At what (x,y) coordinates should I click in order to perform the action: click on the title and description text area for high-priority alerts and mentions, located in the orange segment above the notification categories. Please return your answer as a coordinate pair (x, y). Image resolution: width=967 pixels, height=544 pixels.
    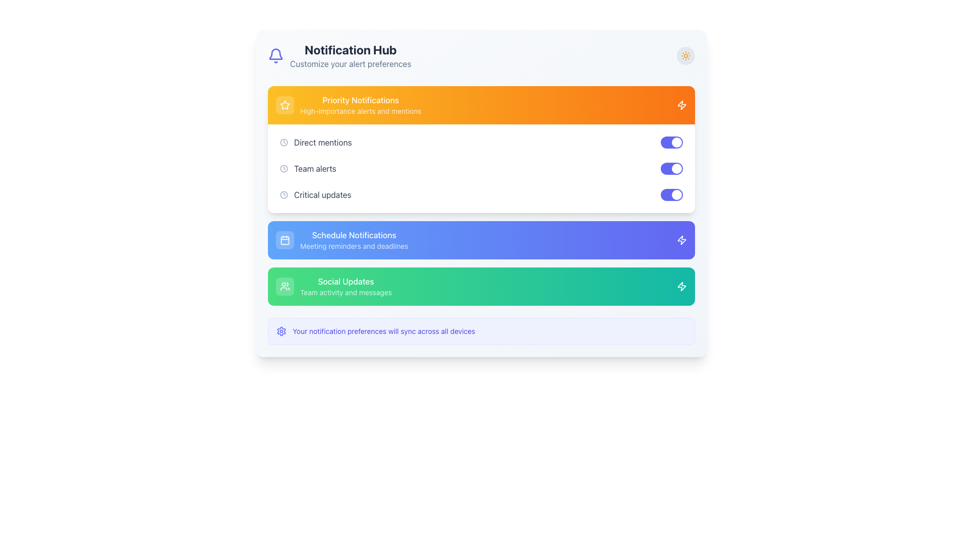
    Looking at the image, I should click on (361, 105).